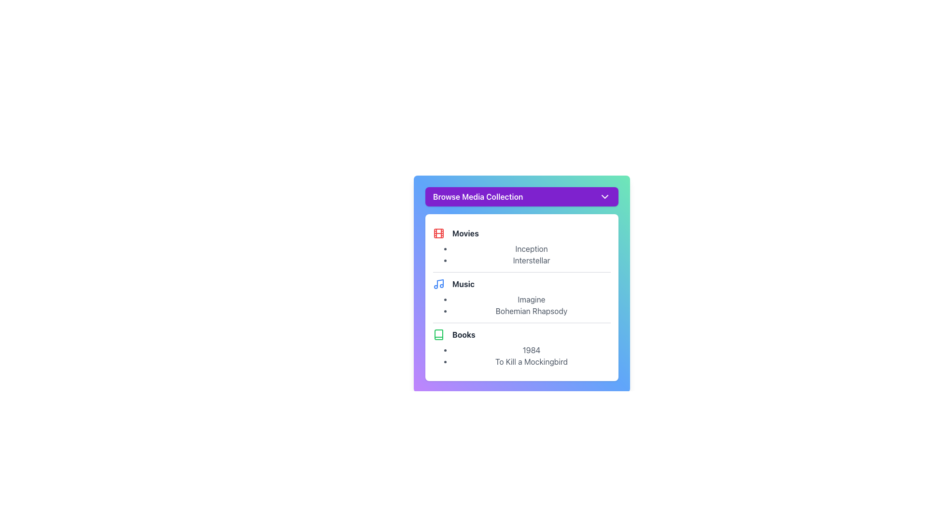  What do you see at coordinates (465, 233) in the screenshot?
I see `bold text label that reads 'Movies', which is prominently displayed in dark gray and is the first element in the 'Movies' category section` at bounding box center [465, 233].